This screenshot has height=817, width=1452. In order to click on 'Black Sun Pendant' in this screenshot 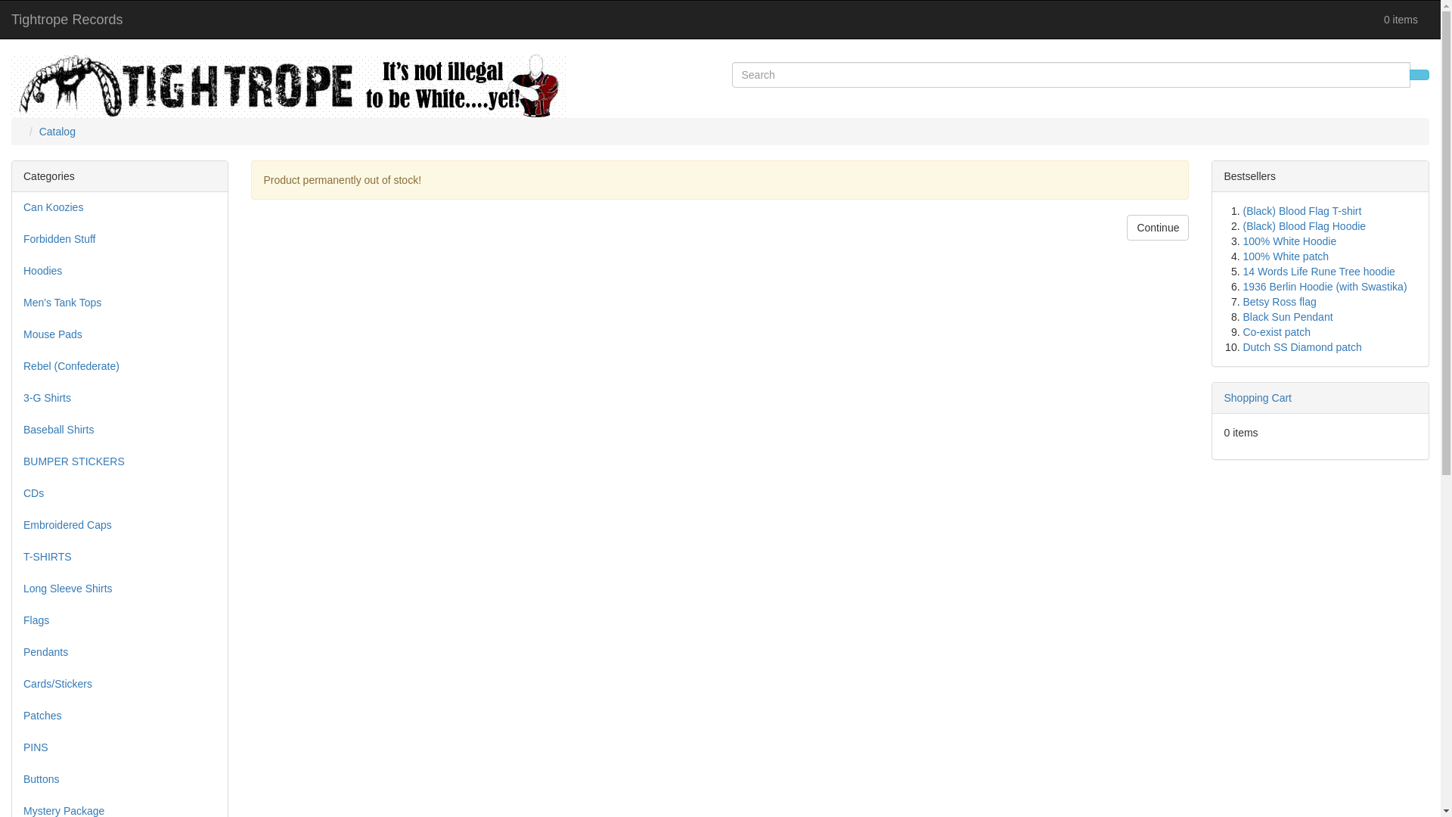, I will do `click(1286, 316)`.